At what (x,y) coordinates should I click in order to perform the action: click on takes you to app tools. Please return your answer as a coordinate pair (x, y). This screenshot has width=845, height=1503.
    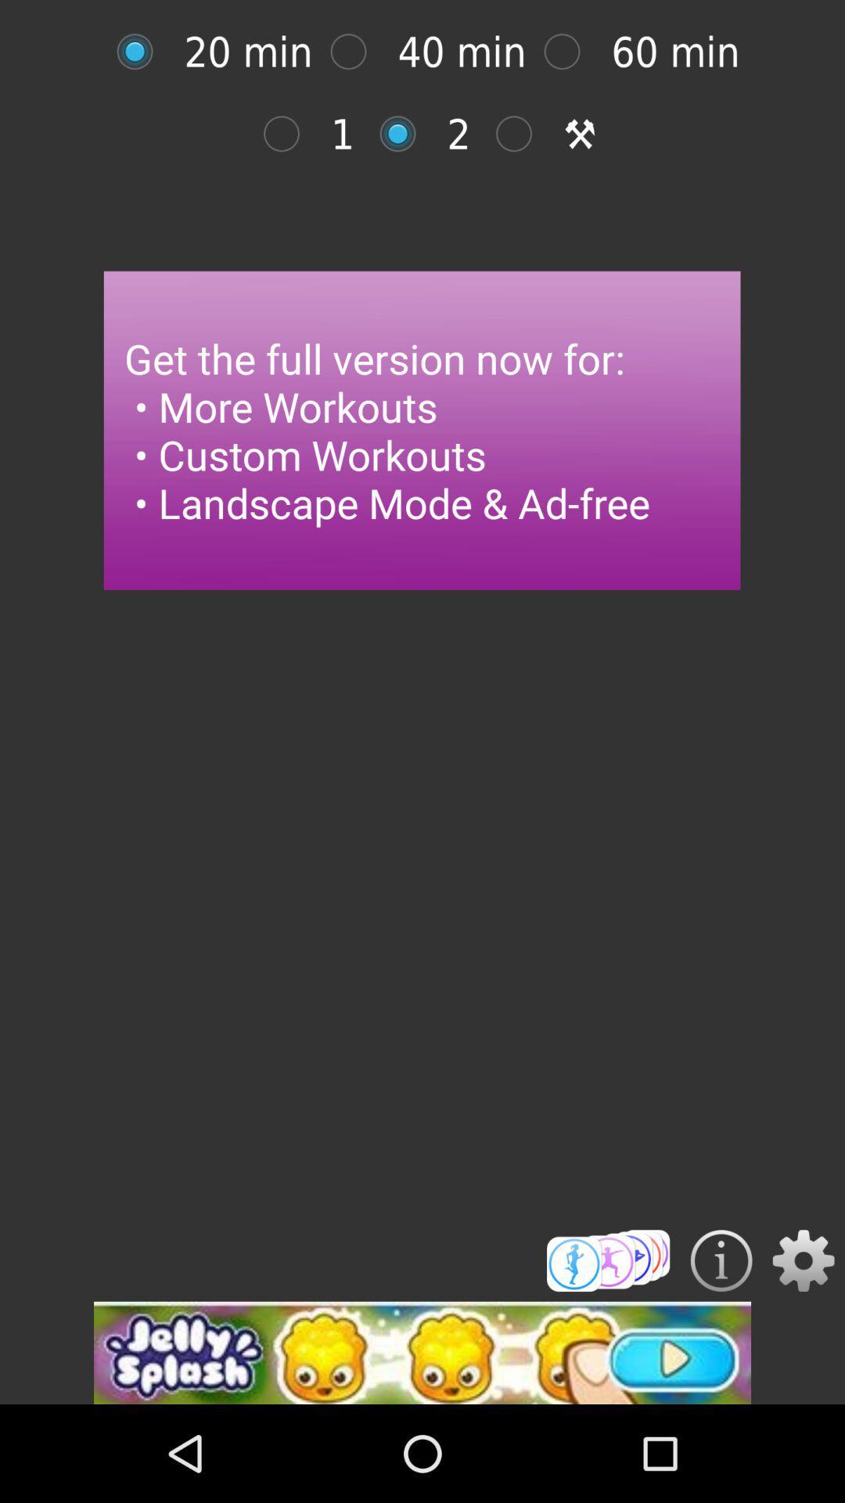
    Looking at the image, I should click on (522, 134).